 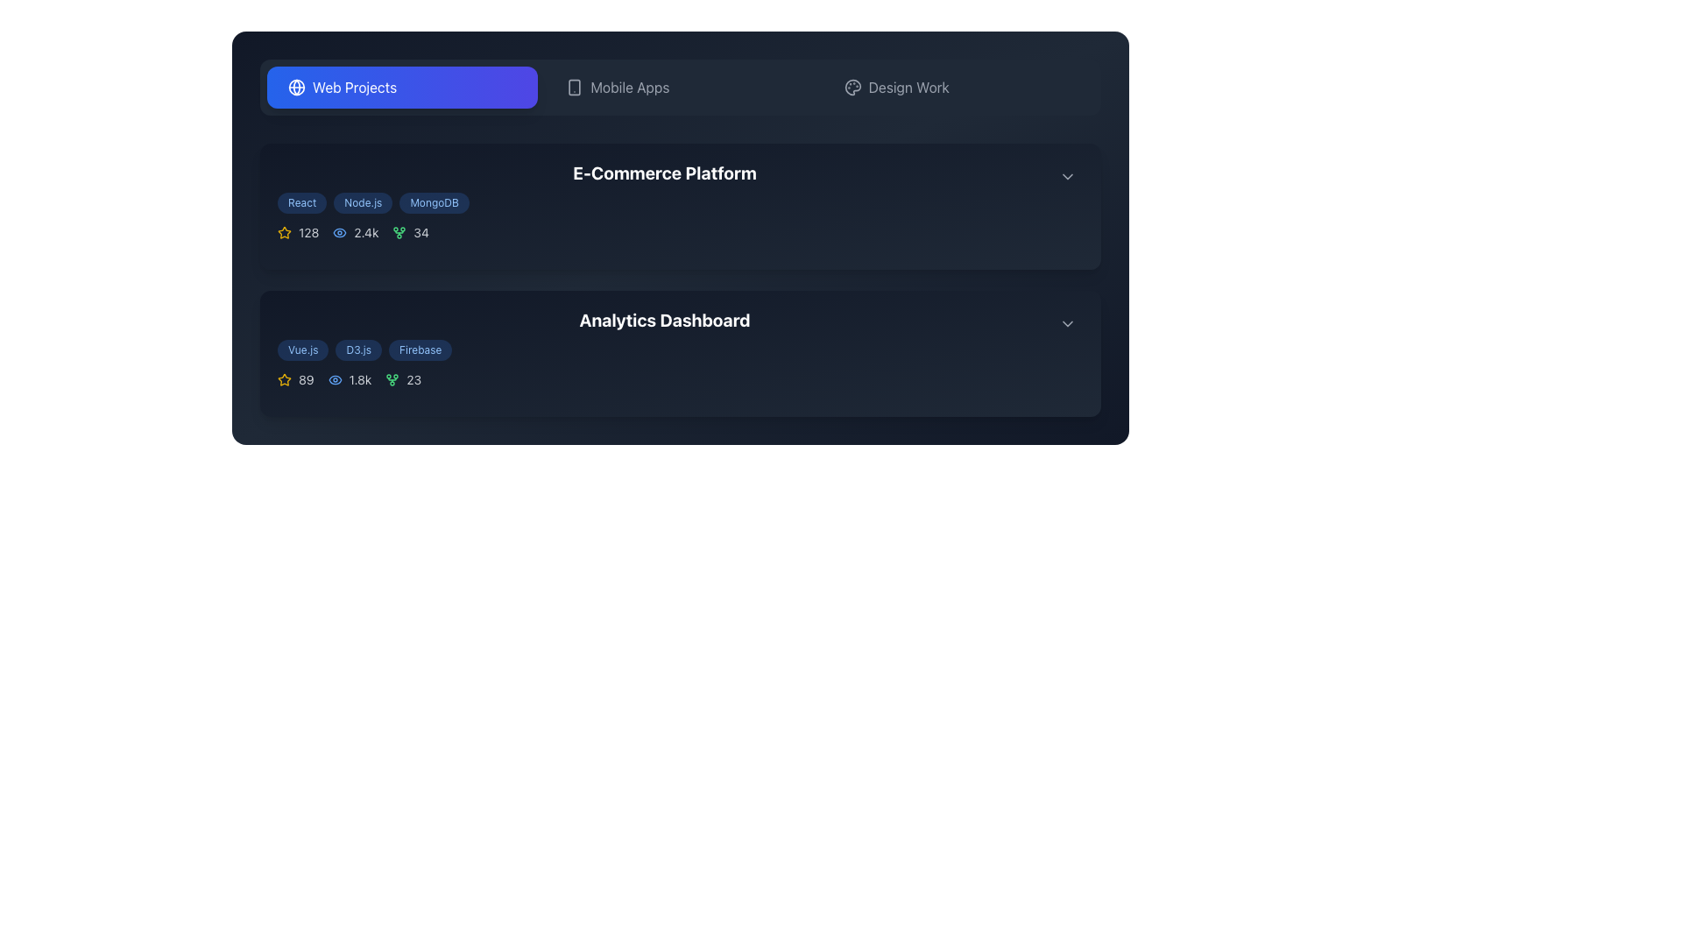 I want to click on the static text label displaying the numeric value '128', so click(x=308, y=232).